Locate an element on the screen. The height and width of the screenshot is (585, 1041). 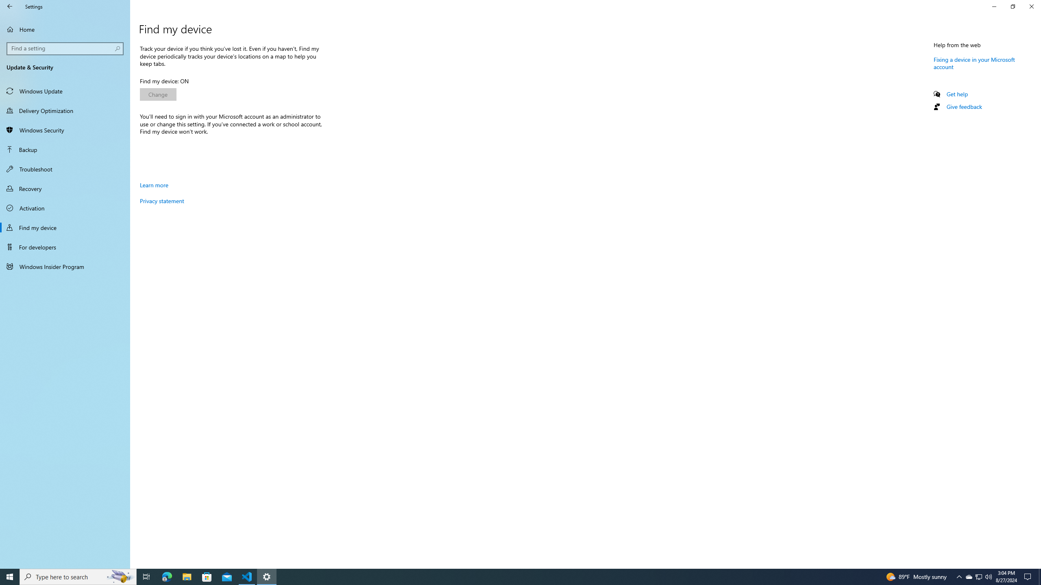
'Search box, Find a setting' is located at coordinates (65, 48).